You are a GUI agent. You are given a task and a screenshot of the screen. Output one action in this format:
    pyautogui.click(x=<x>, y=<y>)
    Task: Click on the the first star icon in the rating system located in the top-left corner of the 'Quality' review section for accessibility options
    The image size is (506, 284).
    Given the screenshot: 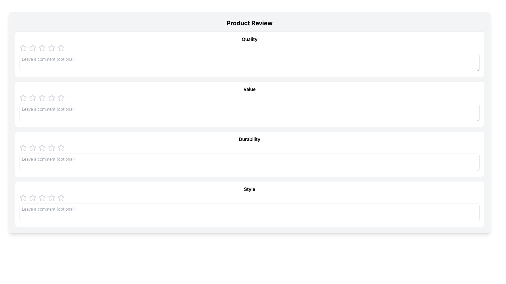 What is the action you would take?
    pyautogui.click(x=23, y=48)
    